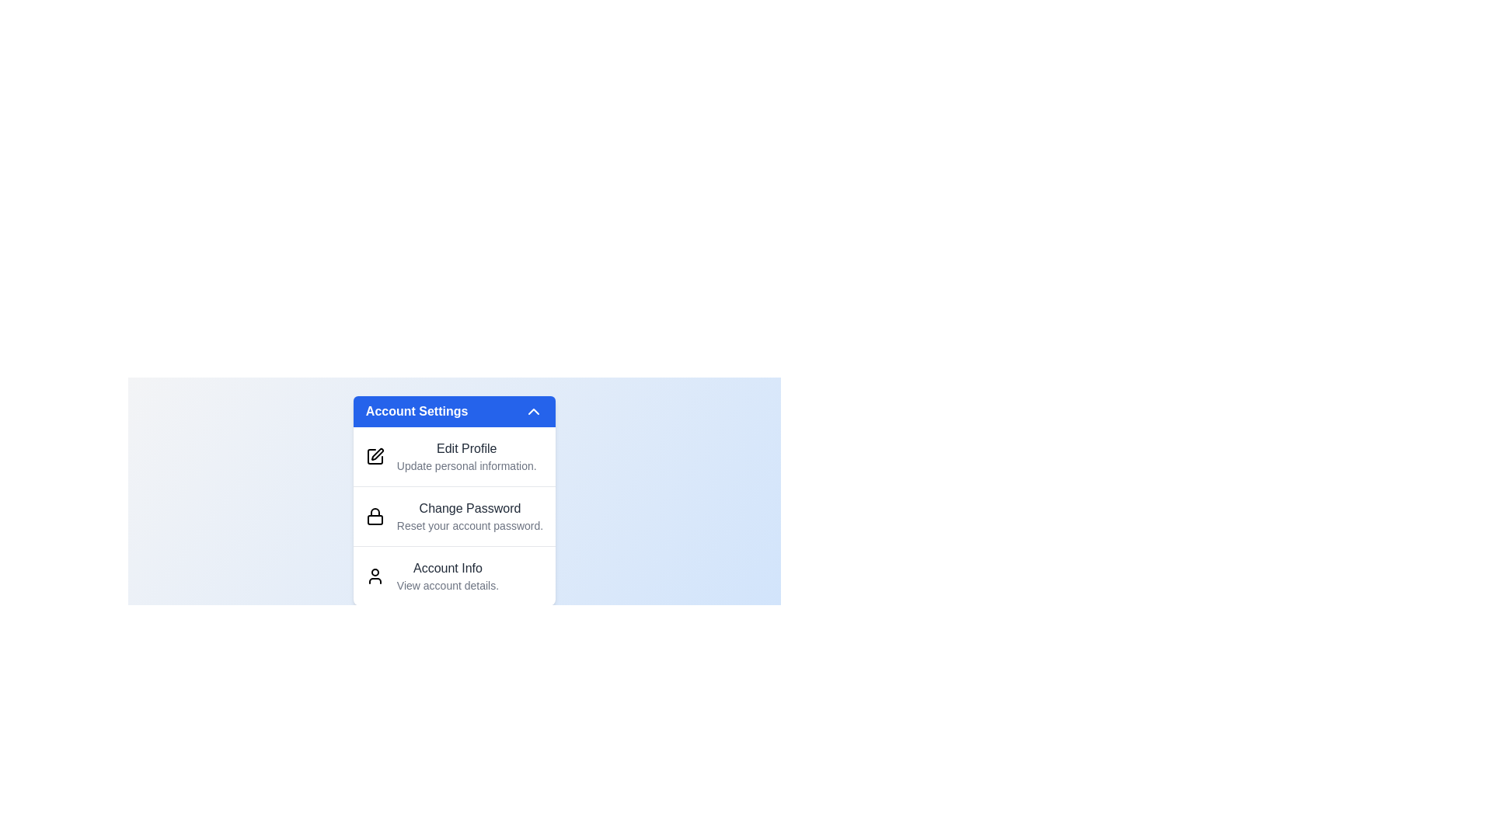 The image size is (1492, 839). Describe the element at coordinates (454, 410) in the screenshot. I see `the 'Account Settings' button to toggle the menu visibility` at that location.